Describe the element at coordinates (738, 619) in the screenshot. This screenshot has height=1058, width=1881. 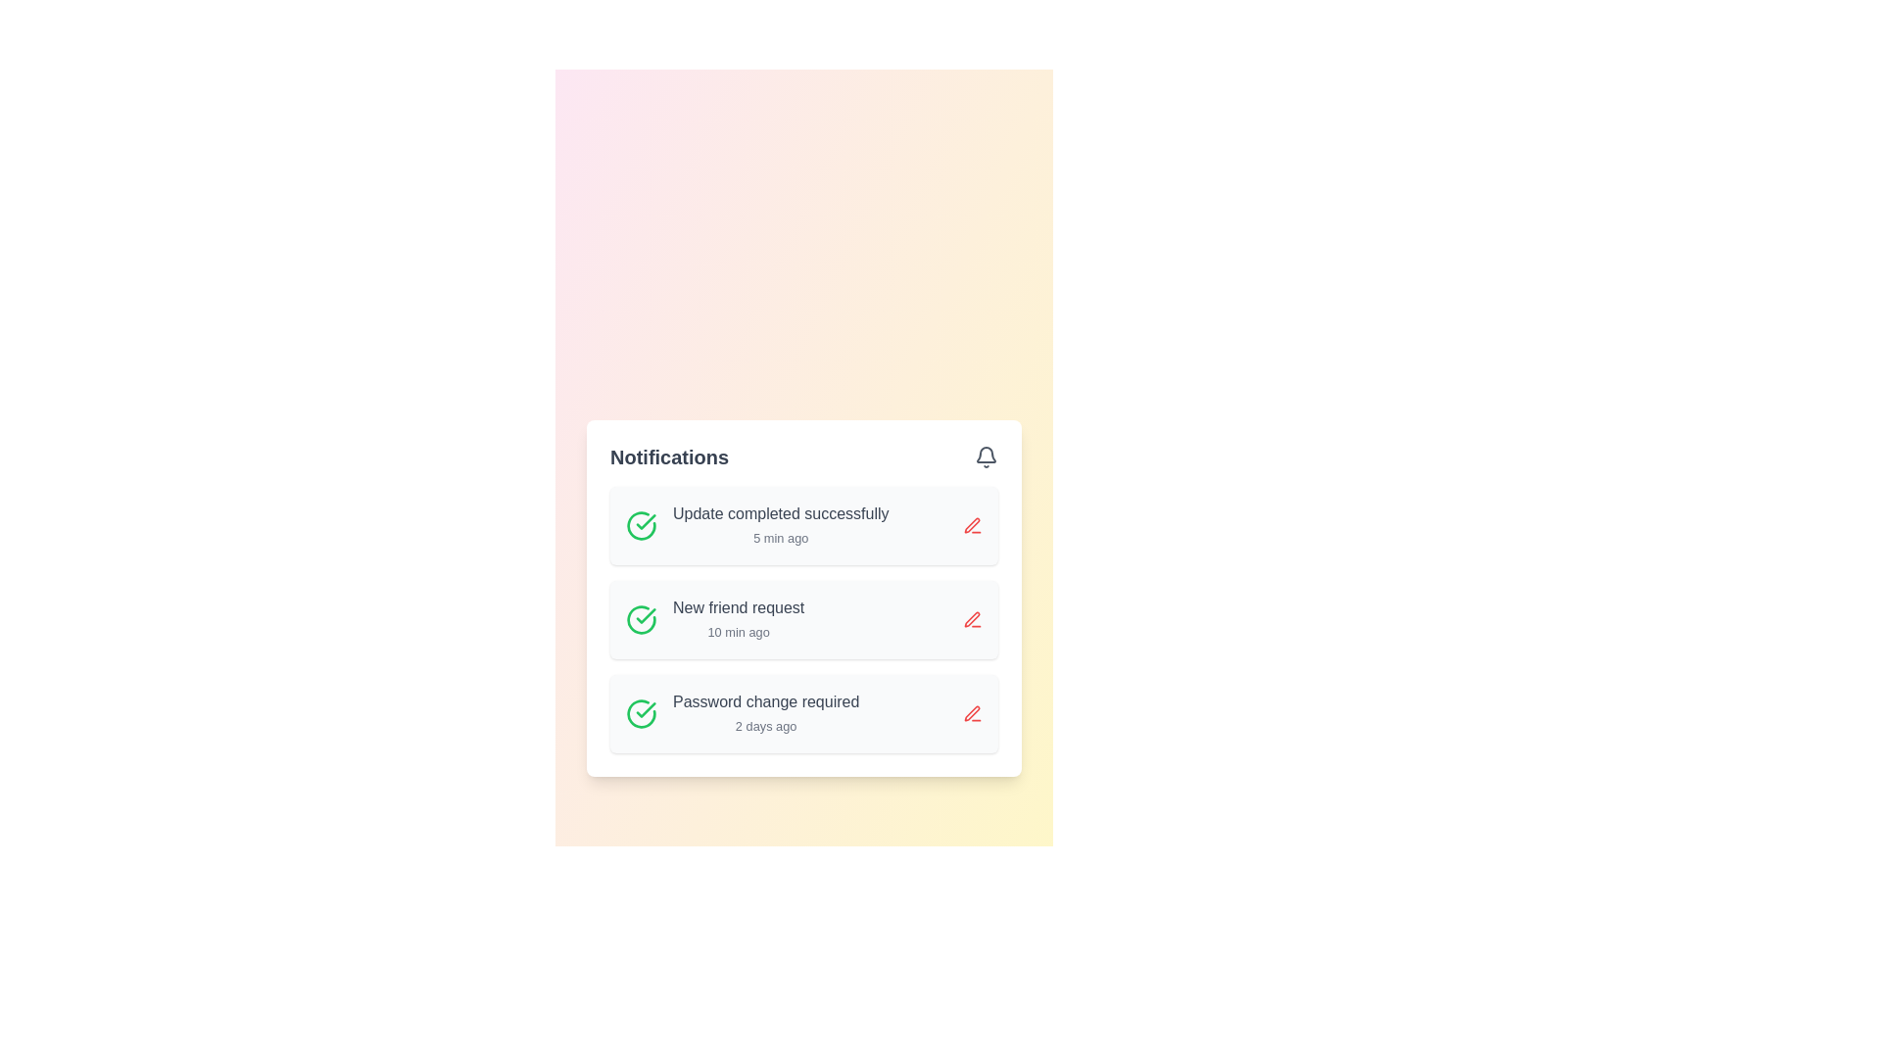
I see `the 'New friend request' notification in the notification panel to possibly reveal additional details` at that location.